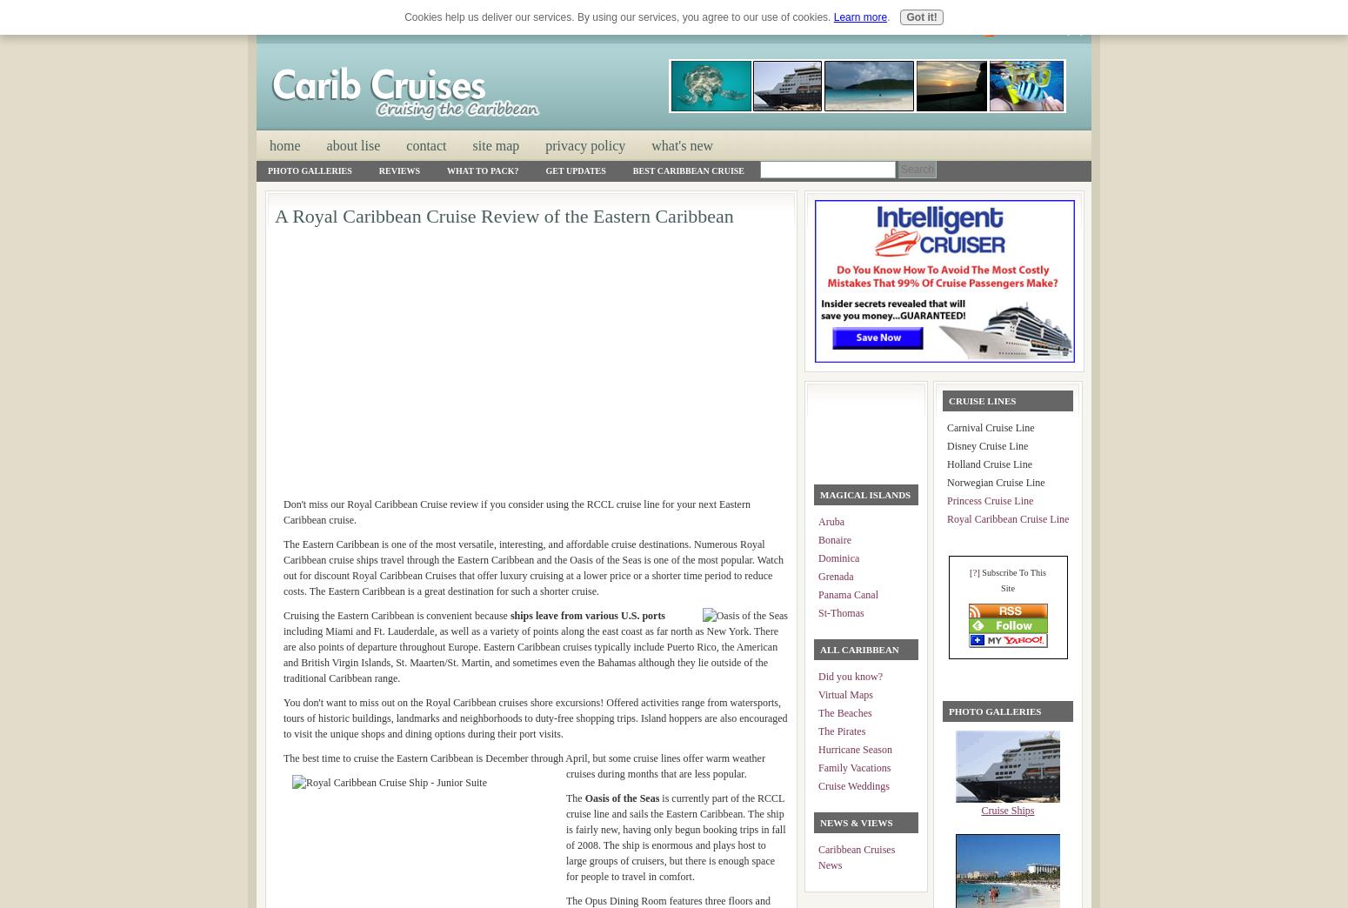 Image resolution: width=1348 pixels, height=908 pixels. I want to click on 'Cookies help us deliver our services. By using our services, you agree to our use of cookies.', so click(404, 16).